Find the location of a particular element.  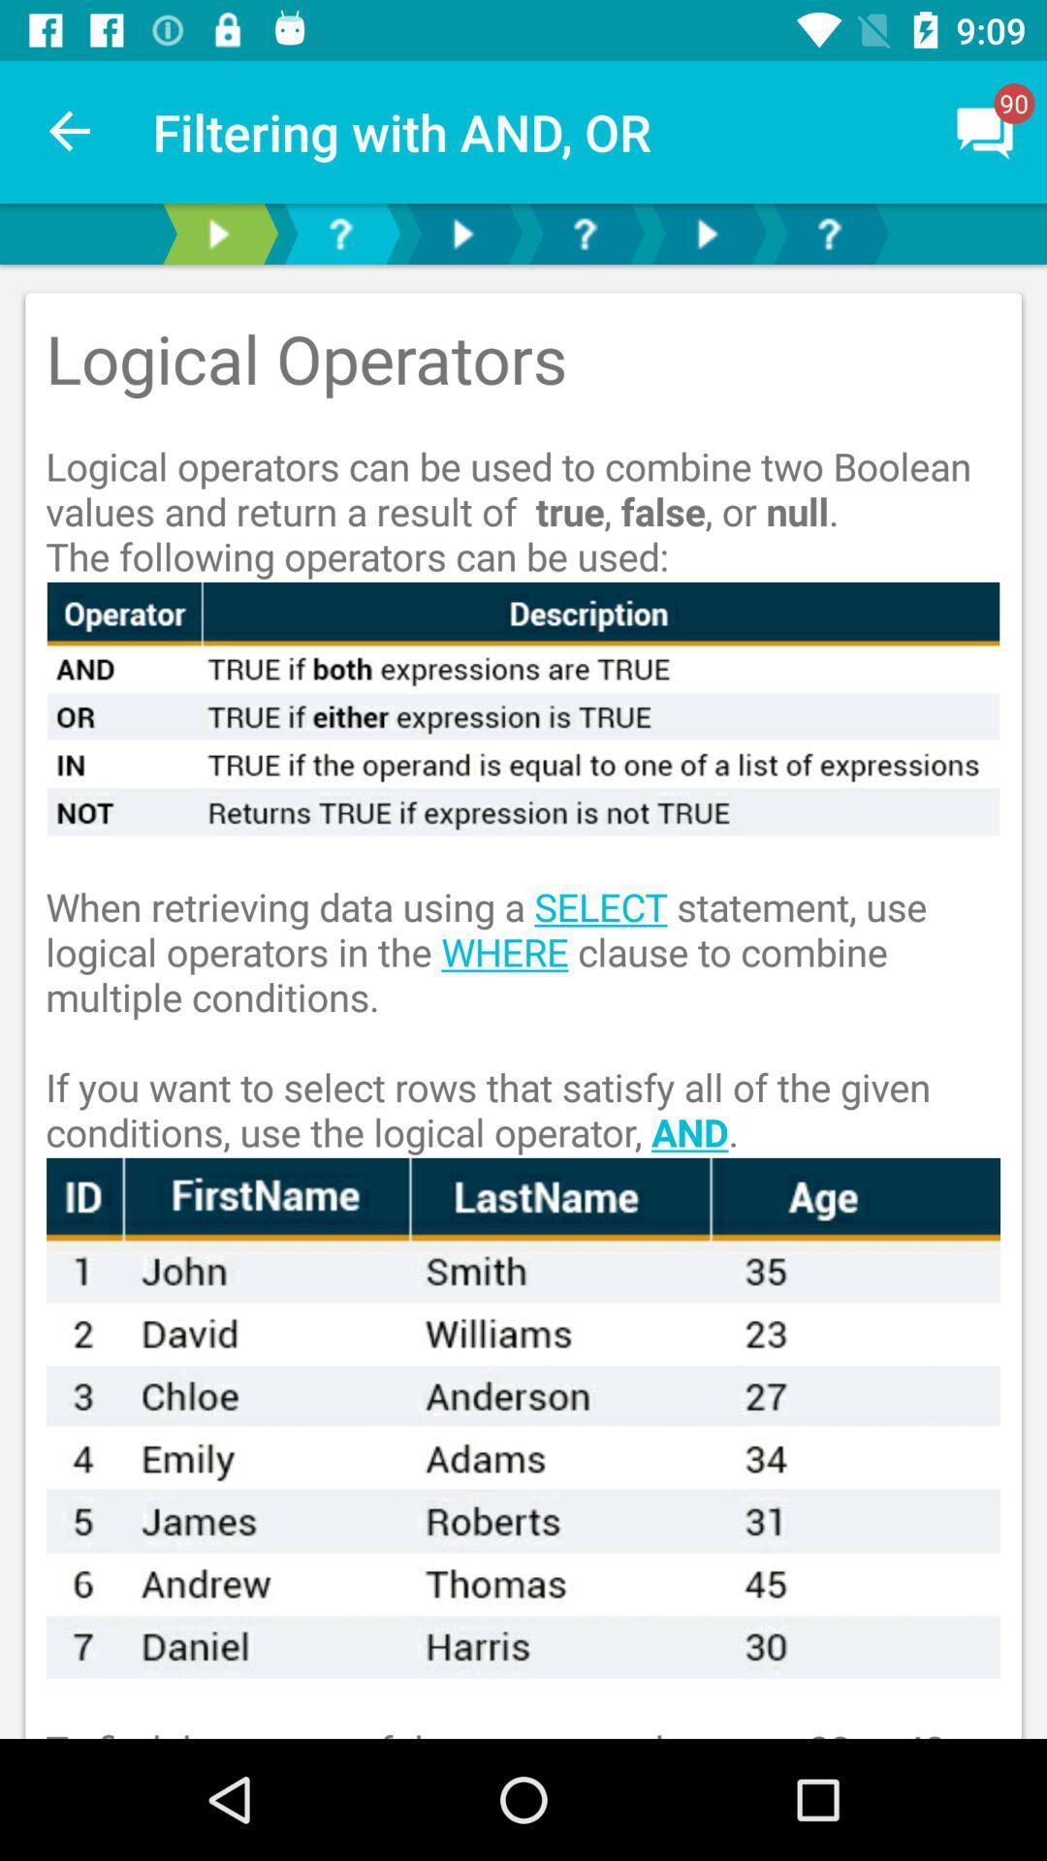

item above the logical operators  item is located at coordinates (70, 131).